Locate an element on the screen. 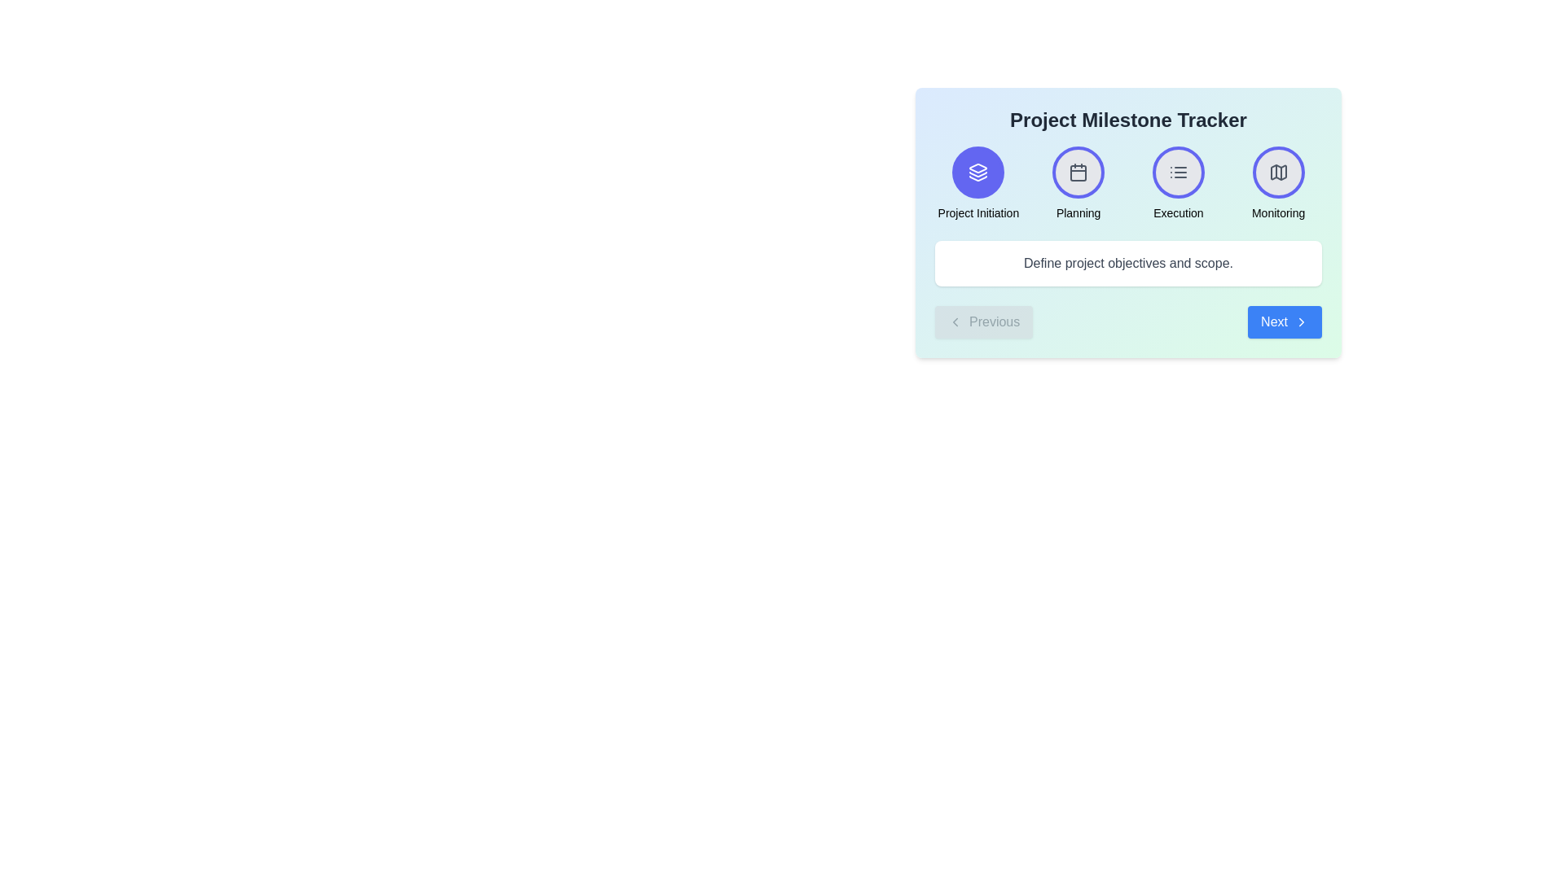  the SVG Graphic Icon representing a map labeled 'Monitoring' is located at coordinates (1277, 173).